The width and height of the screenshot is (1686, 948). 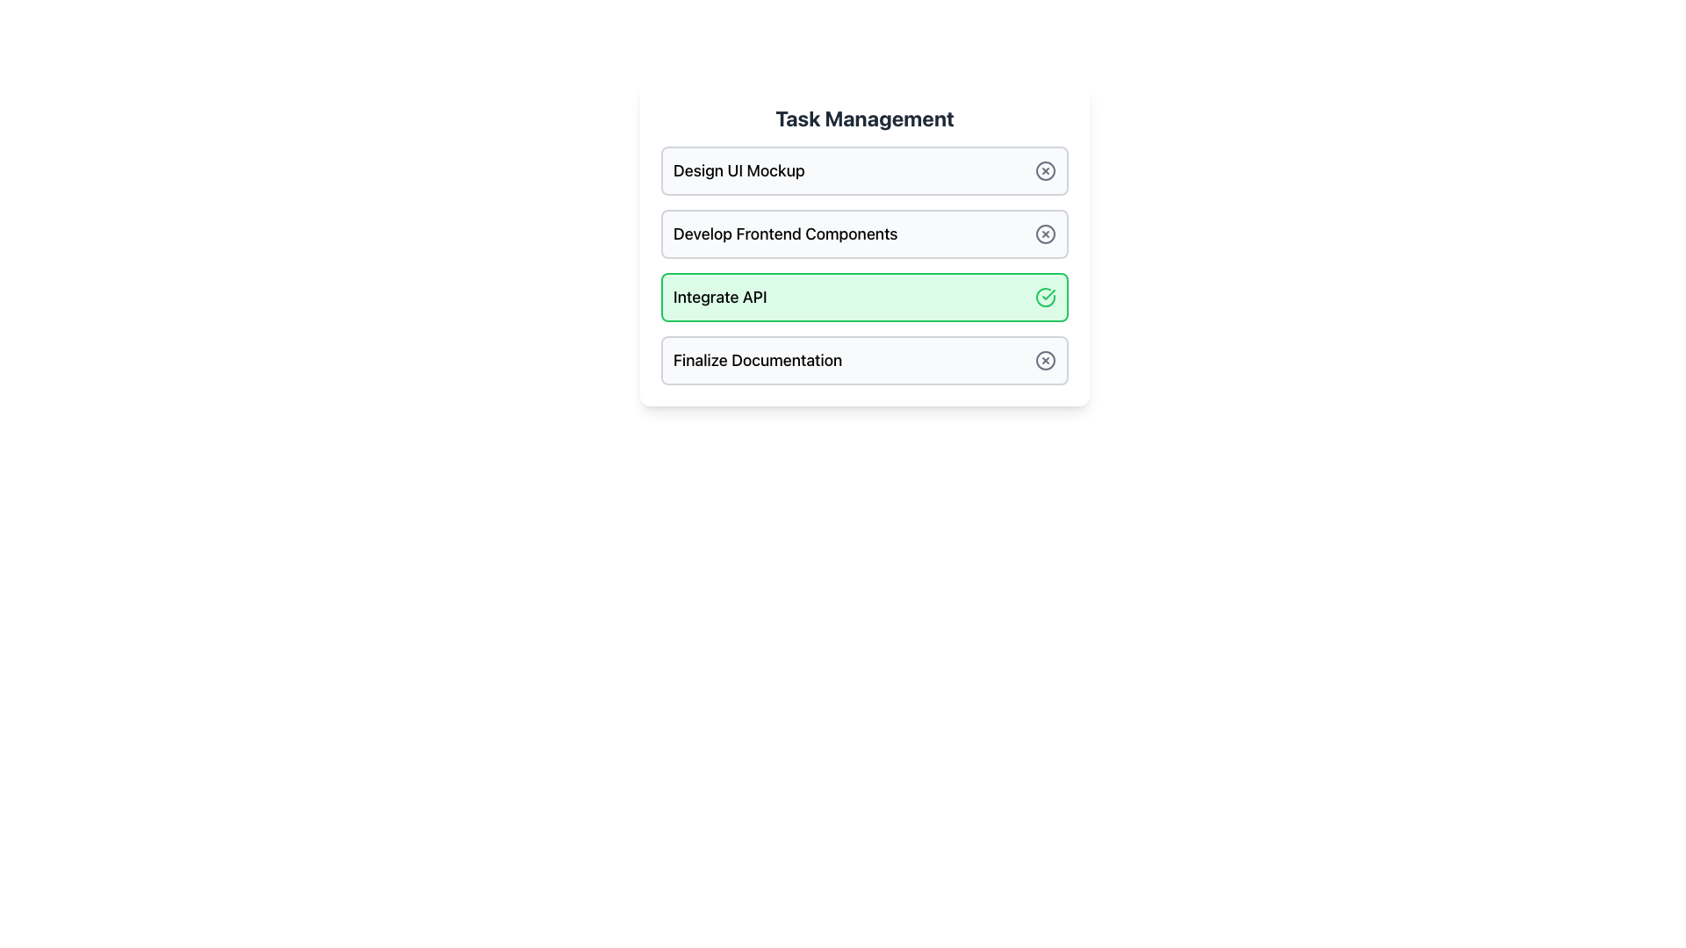 What do you see at coordinates (784, 233) in the screenshot?
I see `the Text Label displaying 'Develop Frontend Components', which is located in the second item of a vertically stacked list of task entries in a task management interface` at bounding box center [784, 233].